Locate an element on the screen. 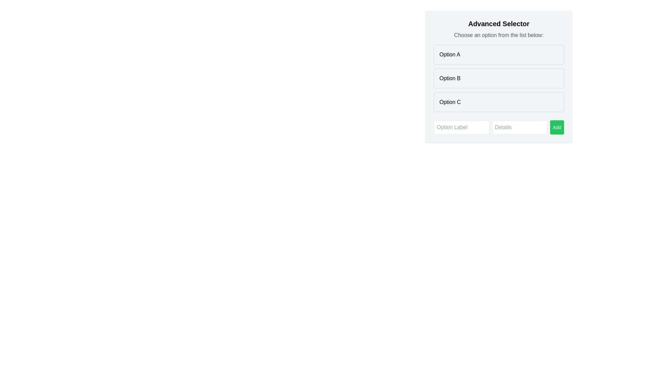  the vibrant green 'Add' button with white text at the rightmost end of the row containing the text input fields is located at coordinates (557, 127).